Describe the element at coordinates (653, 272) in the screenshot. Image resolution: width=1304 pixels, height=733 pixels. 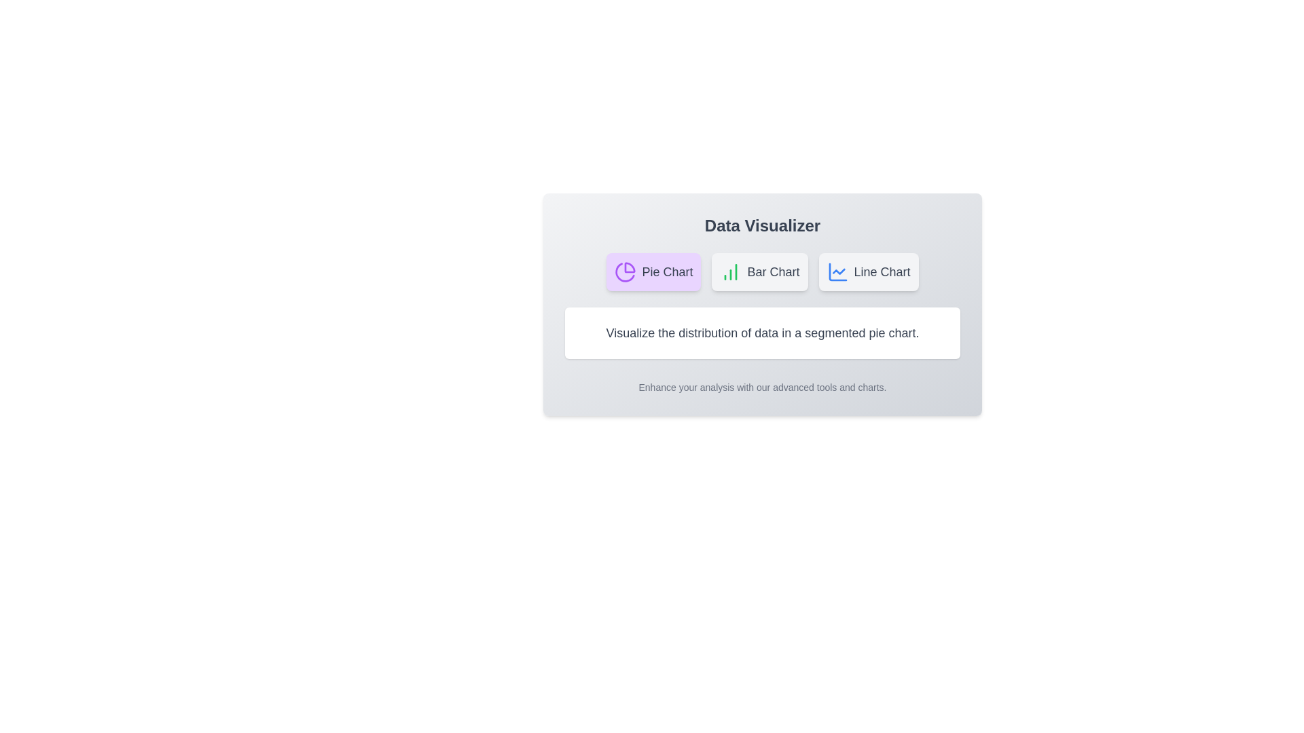
I see `the button labeled 'Pie Chart' to observe hover effects` at that location.